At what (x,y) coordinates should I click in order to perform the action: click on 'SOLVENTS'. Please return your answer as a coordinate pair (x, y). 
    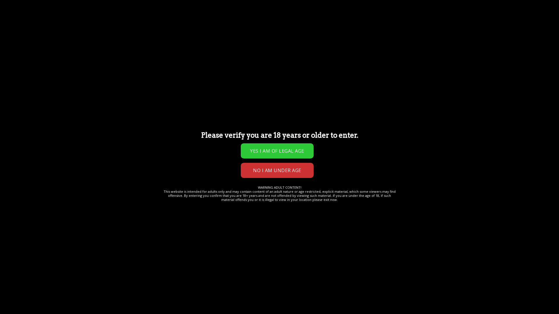
    Looking at the image, I should click on (270, 32).